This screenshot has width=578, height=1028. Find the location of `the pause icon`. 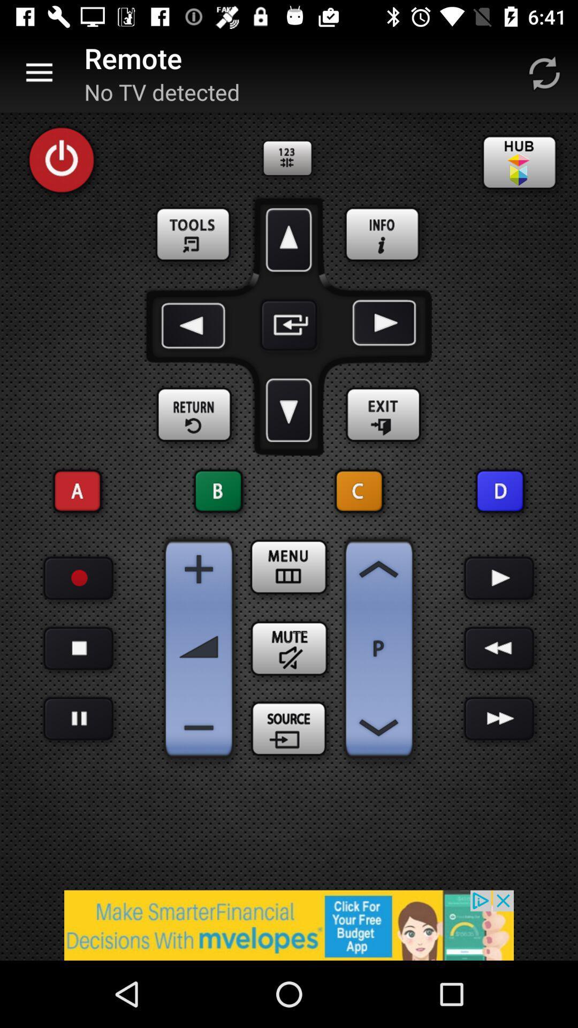

the pause icon is located at coordinates (78, 719).